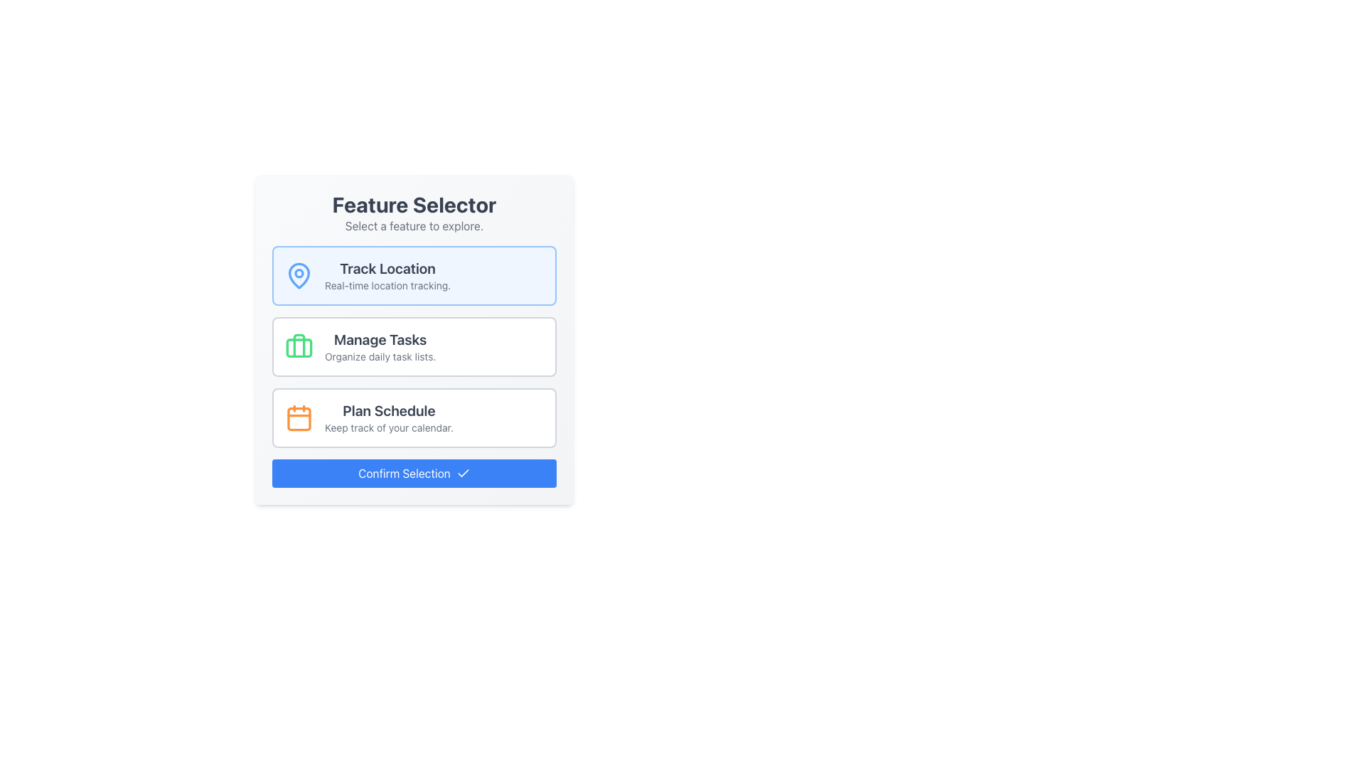 This screenshot has width=1365, height=768. I want to click on the 'Plan Schedule' option in the 'Feature Selector' panel, which is the third selectable item and is aligned with an orange calendar icon, so click(389, 417).